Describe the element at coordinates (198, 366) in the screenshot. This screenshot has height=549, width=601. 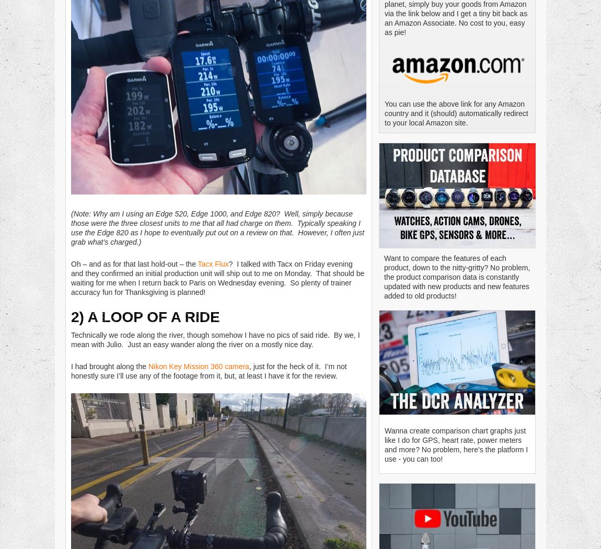
I see `'Nikon Key Mission 360 camera'` at that location.